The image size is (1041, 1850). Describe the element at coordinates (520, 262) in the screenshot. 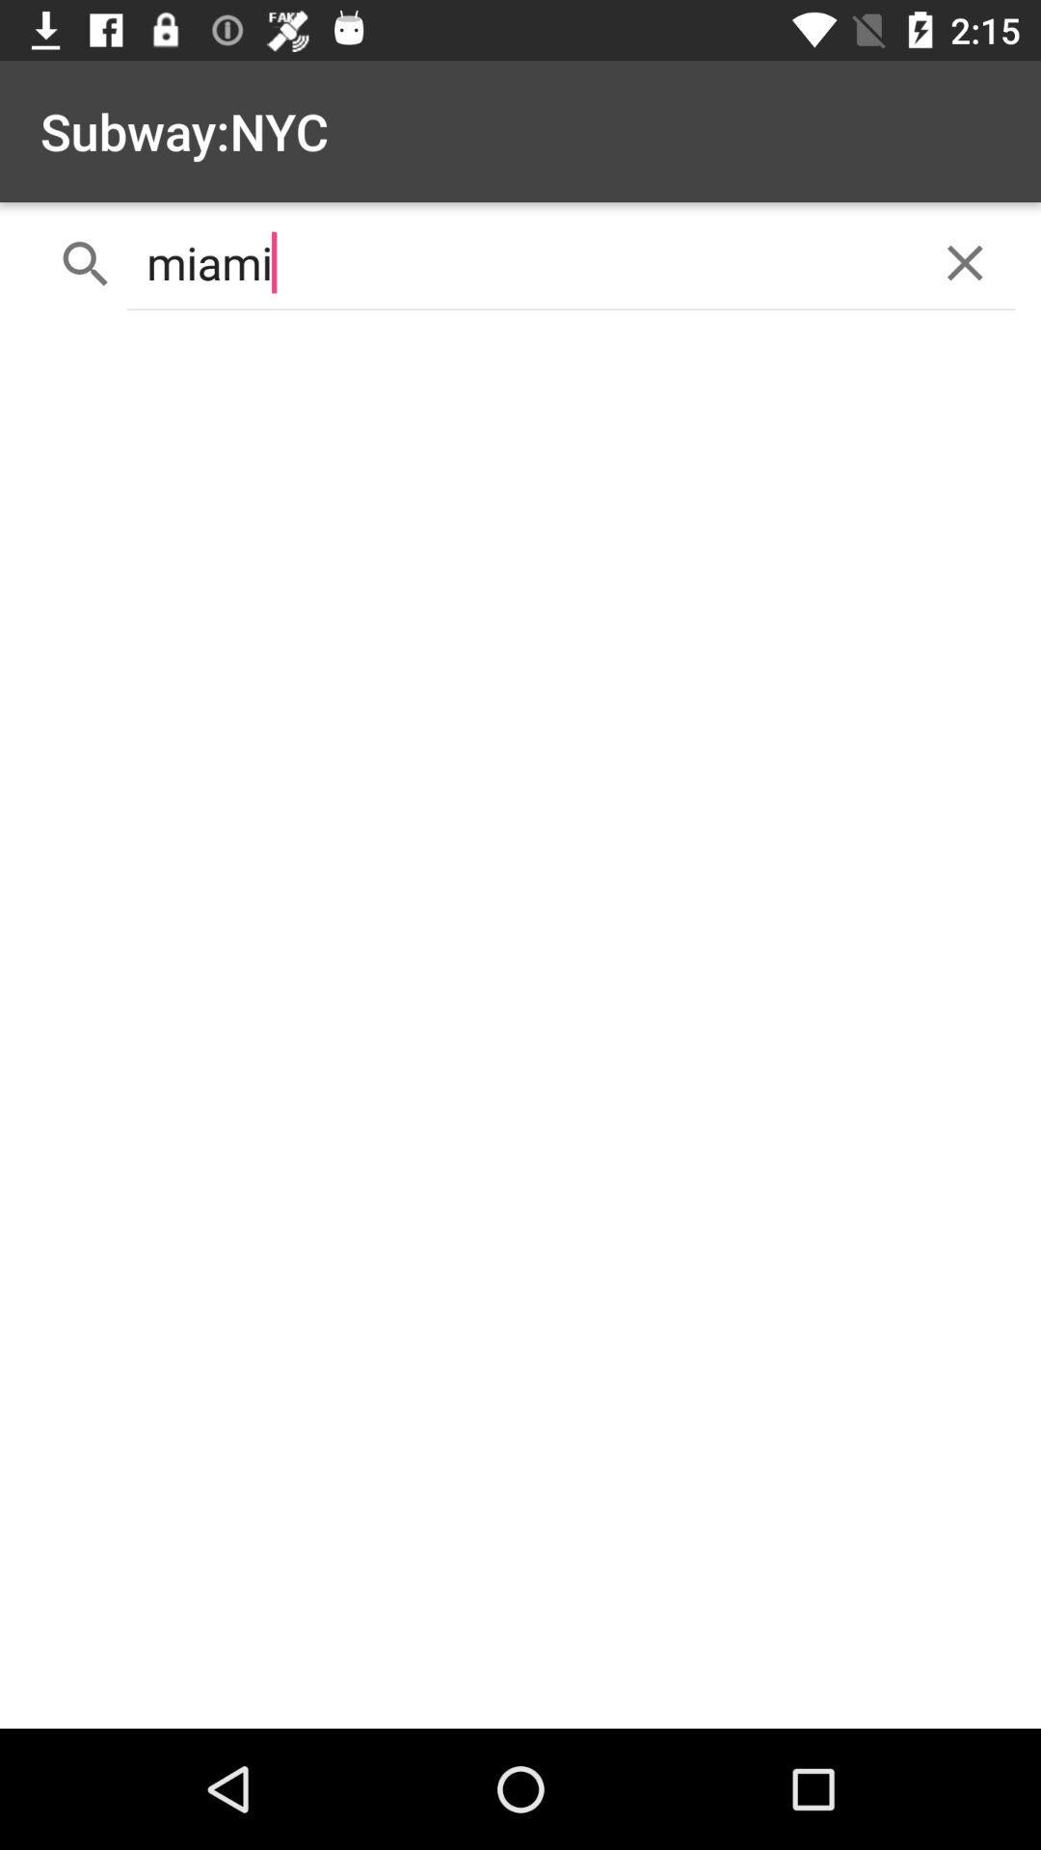

I see `icon below the subway:nyc item` at that location.